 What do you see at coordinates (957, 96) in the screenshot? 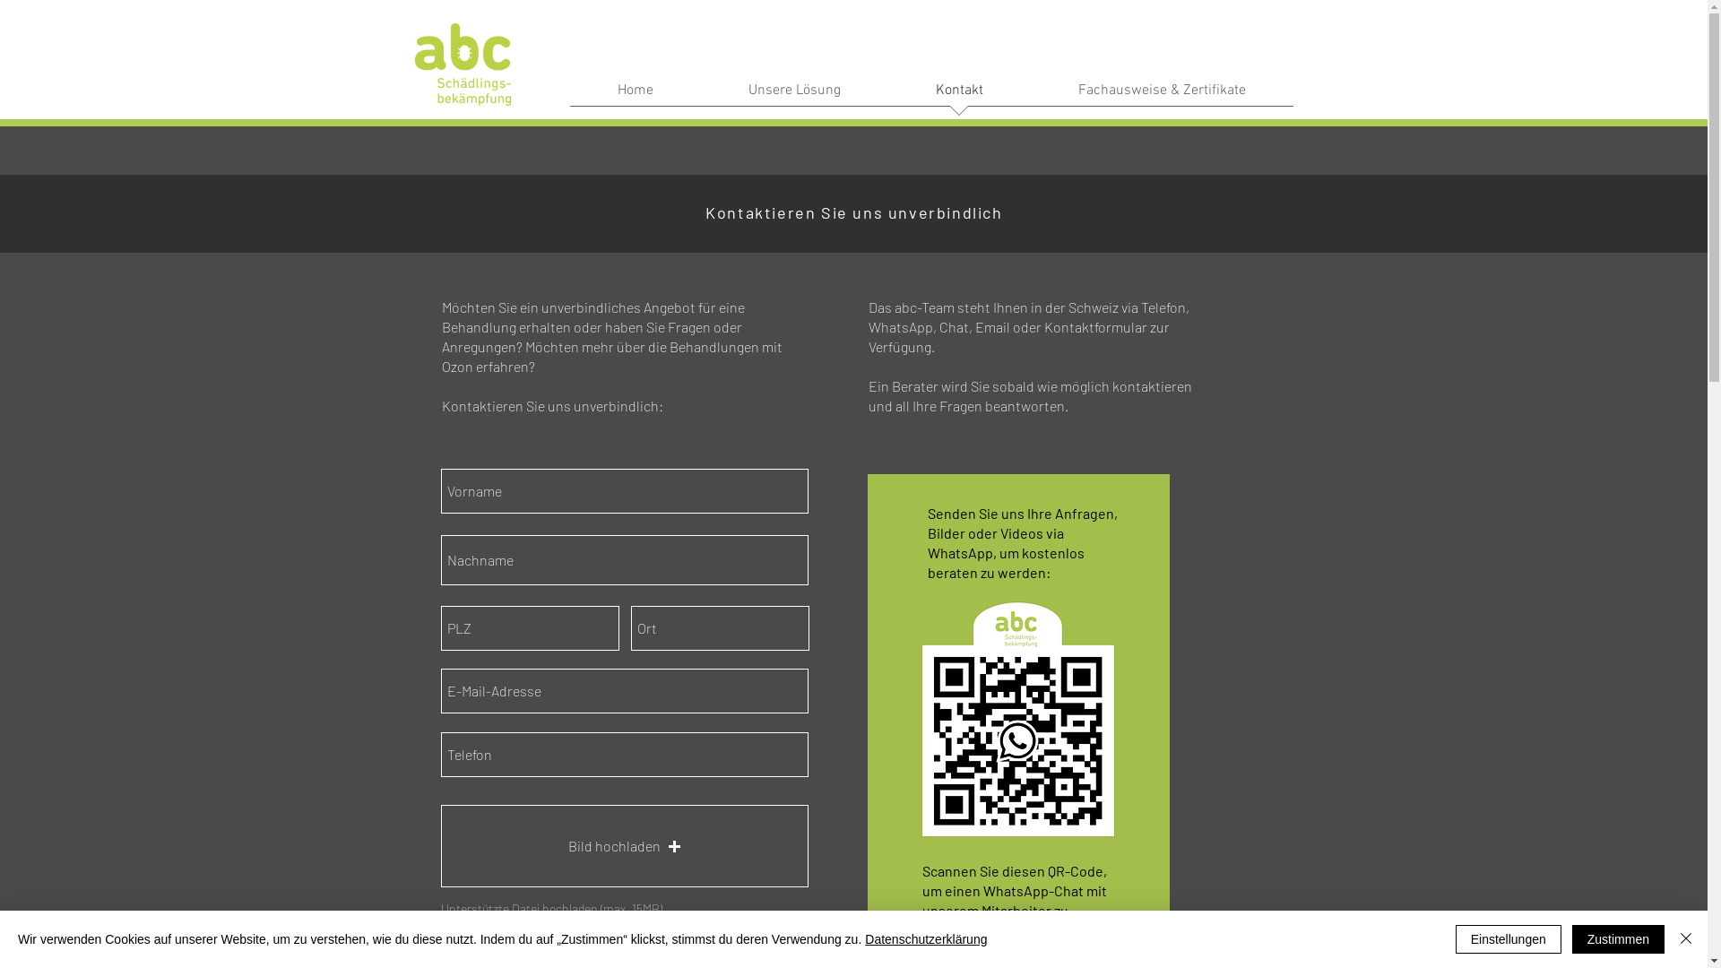
I see `'Kontakt'` at bounding box center [957, 96].